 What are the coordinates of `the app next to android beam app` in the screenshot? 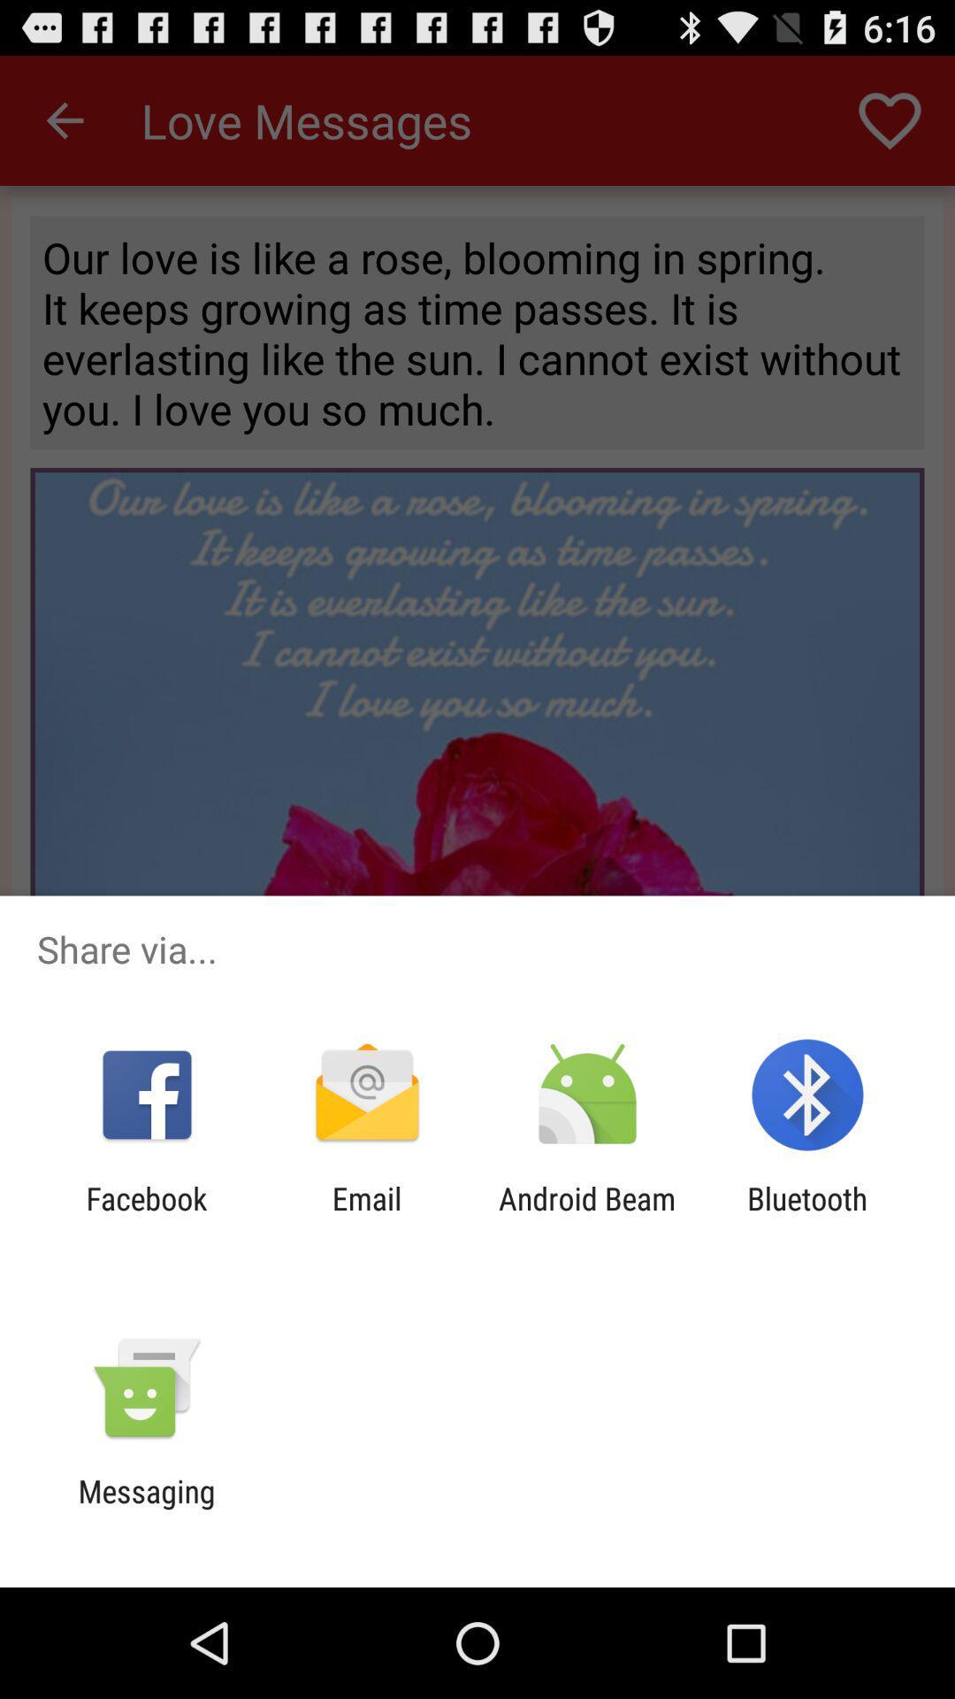 It's located at (366, 1216).